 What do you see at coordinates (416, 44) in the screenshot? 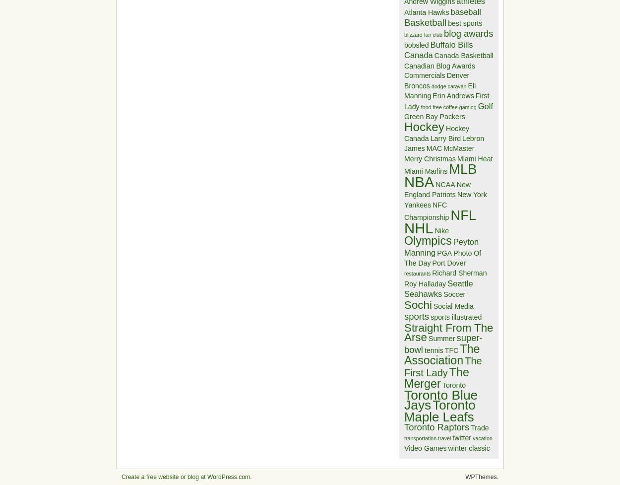
I see `'bobsled'` at bounding box center [416, 44].